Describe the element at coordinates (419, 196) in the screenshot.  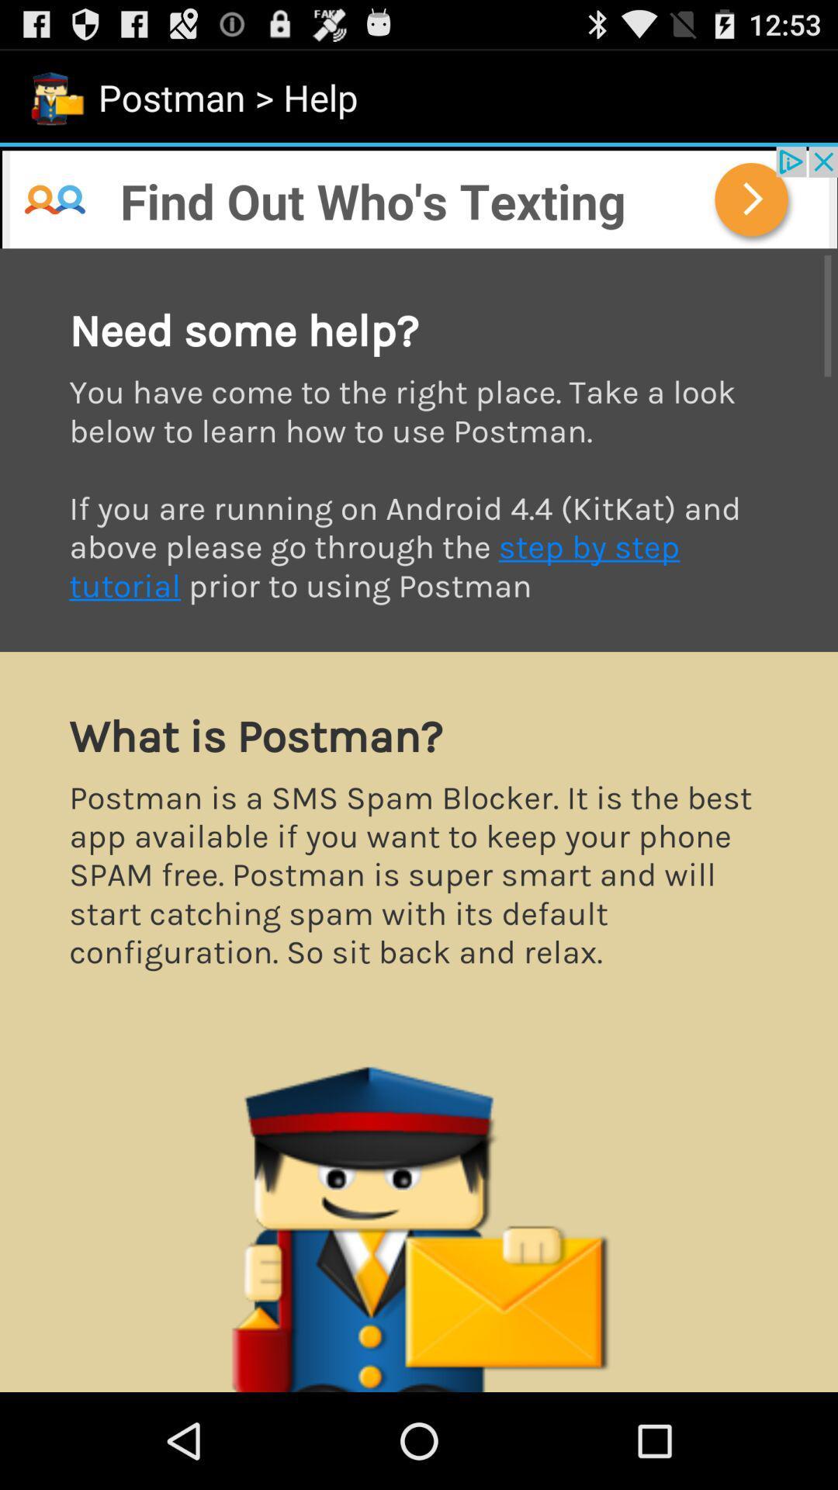
I see `advertisement` at that location.